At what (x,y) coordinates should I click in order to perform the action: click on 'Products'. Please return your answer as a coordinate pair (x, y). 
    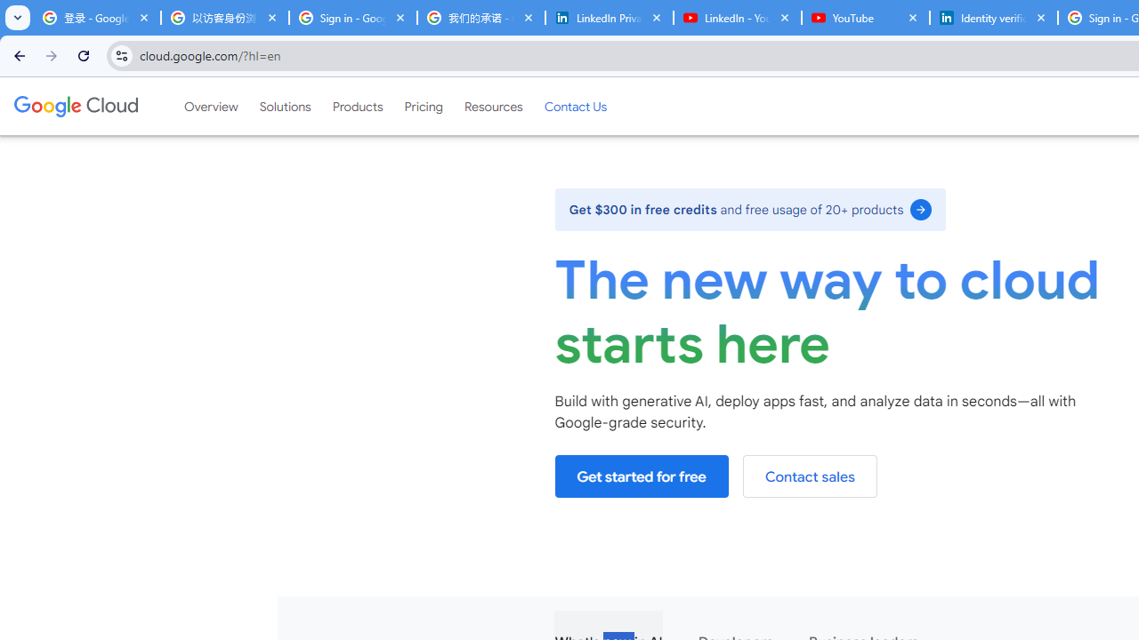
    Looking at the image, I should click on (356, 106).